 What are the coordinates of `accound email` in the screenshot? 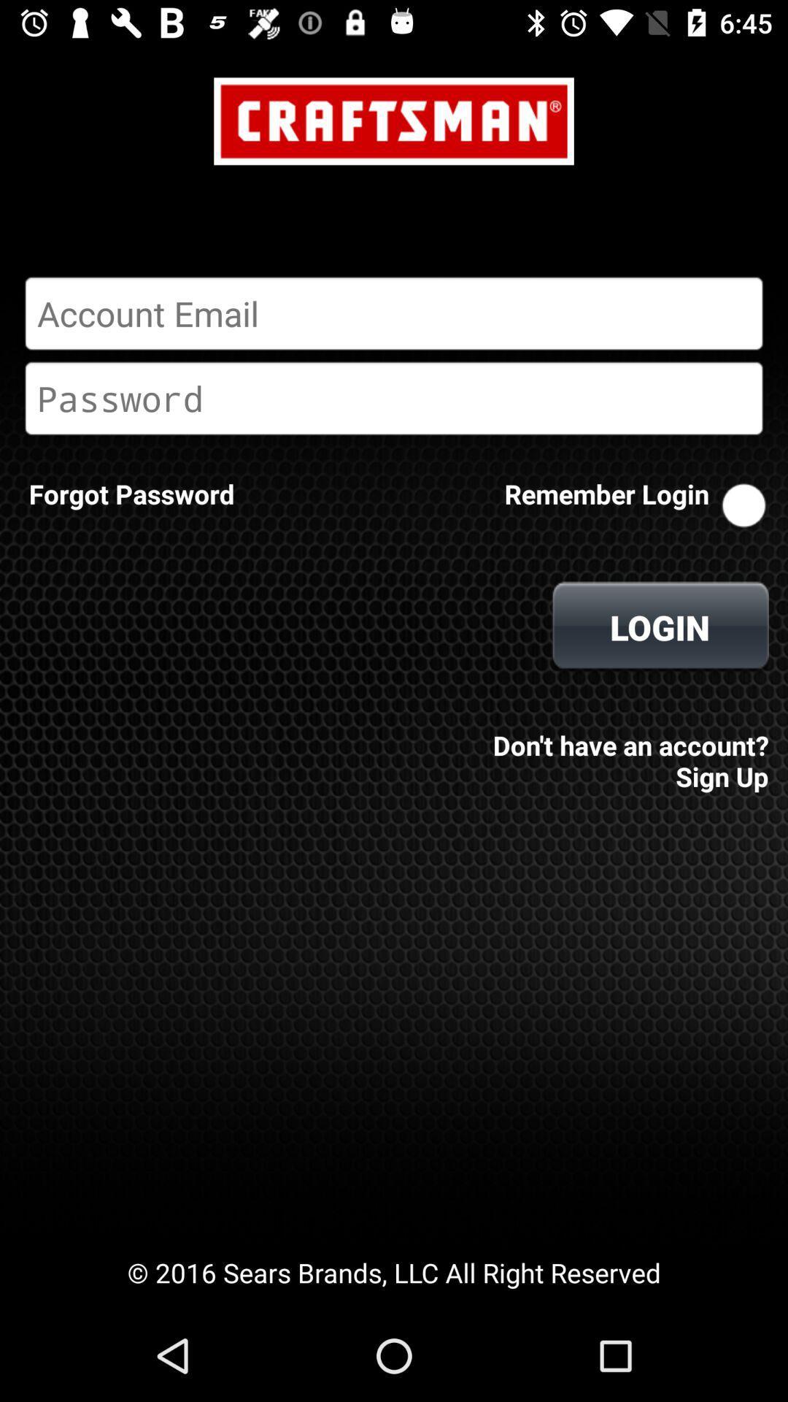 It's located at (394, 313).